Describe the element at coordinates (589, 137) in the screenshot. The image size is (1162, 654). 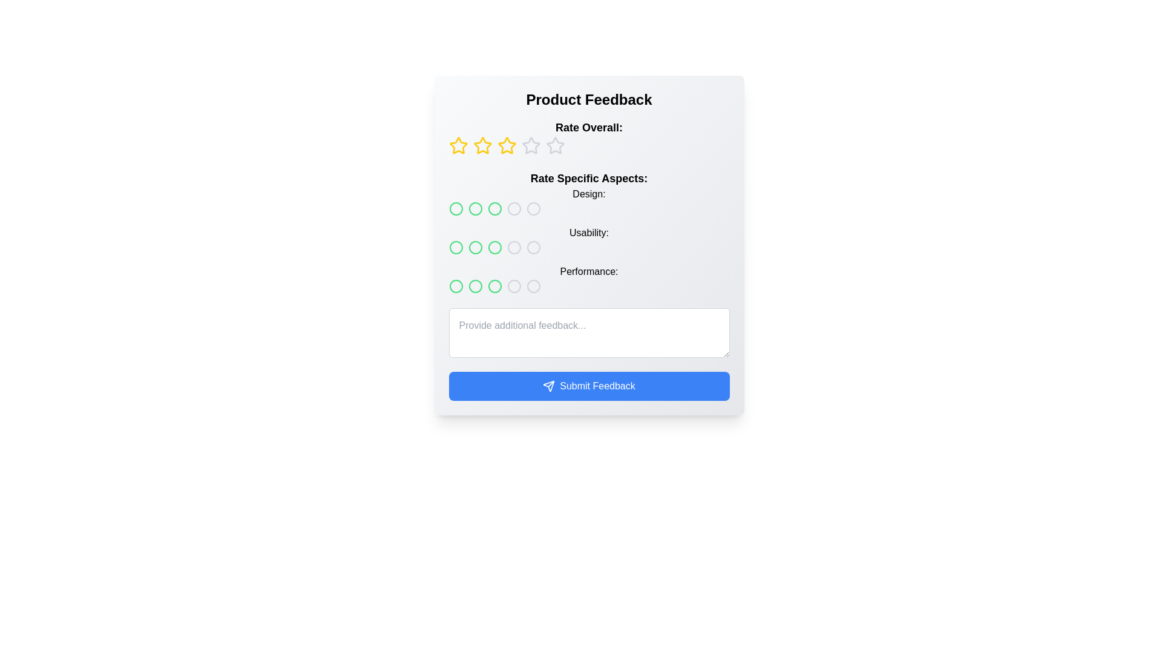
I see `the star icons in the Rating component labeled 'Rate Overall:'` at that location.